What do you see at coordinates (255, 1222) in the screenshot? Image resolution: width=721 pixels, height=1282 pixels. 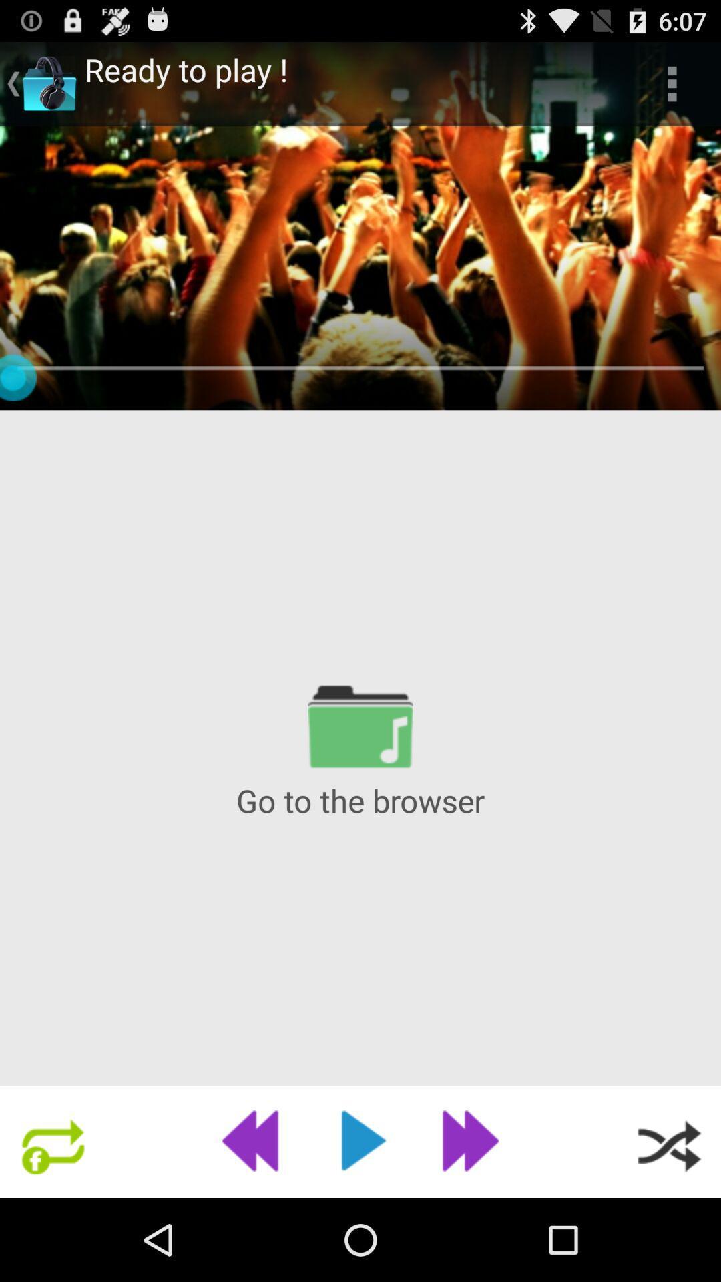 I see `the av_rewind icon` at bounding box center [255, 1222].